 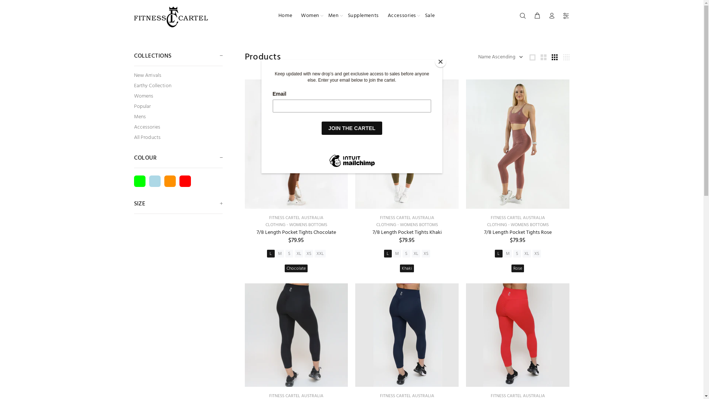 I want to click on 'FITNESS CARTEL AUSTRALIA', so click(x=517, y=218).